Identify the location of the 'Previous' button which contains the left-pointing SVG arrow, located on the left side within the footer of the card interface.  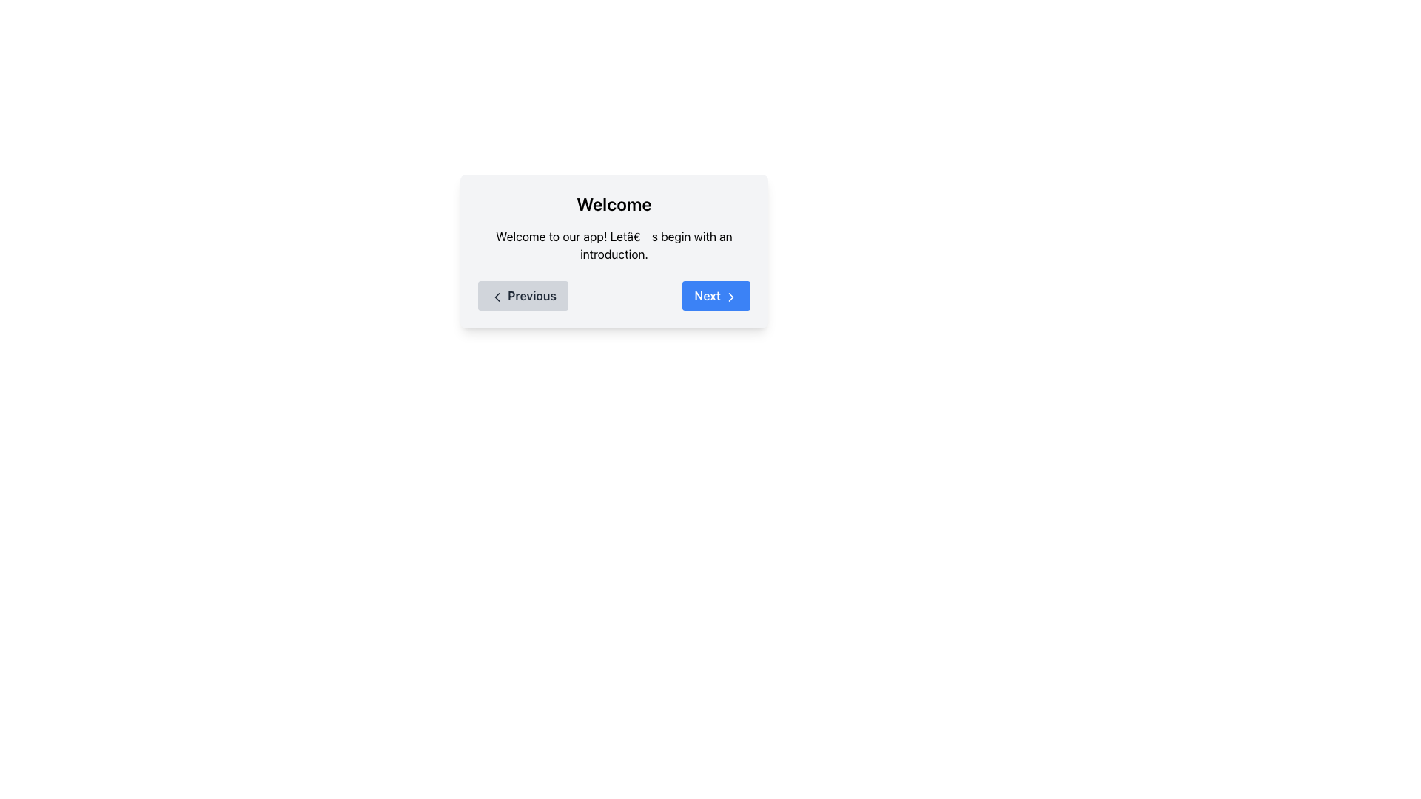
(497, 297).